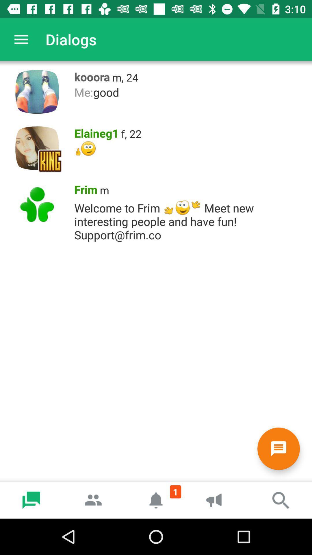 This screenshot has height=555, width=312. I want to click on m, 24, so click(125, 77).